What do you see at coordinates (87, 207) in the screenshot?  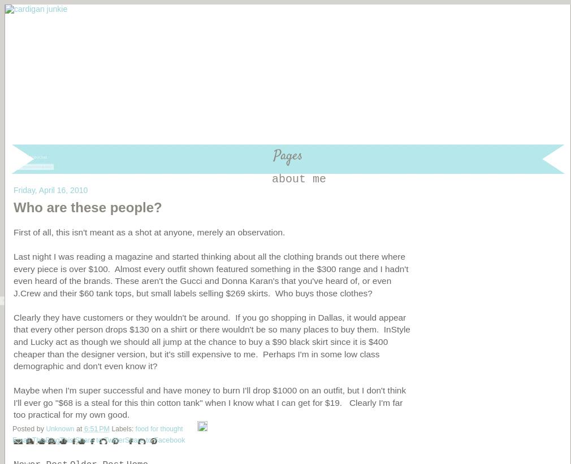 I see `'Who are these people?'` at bounding box center [87, 207].